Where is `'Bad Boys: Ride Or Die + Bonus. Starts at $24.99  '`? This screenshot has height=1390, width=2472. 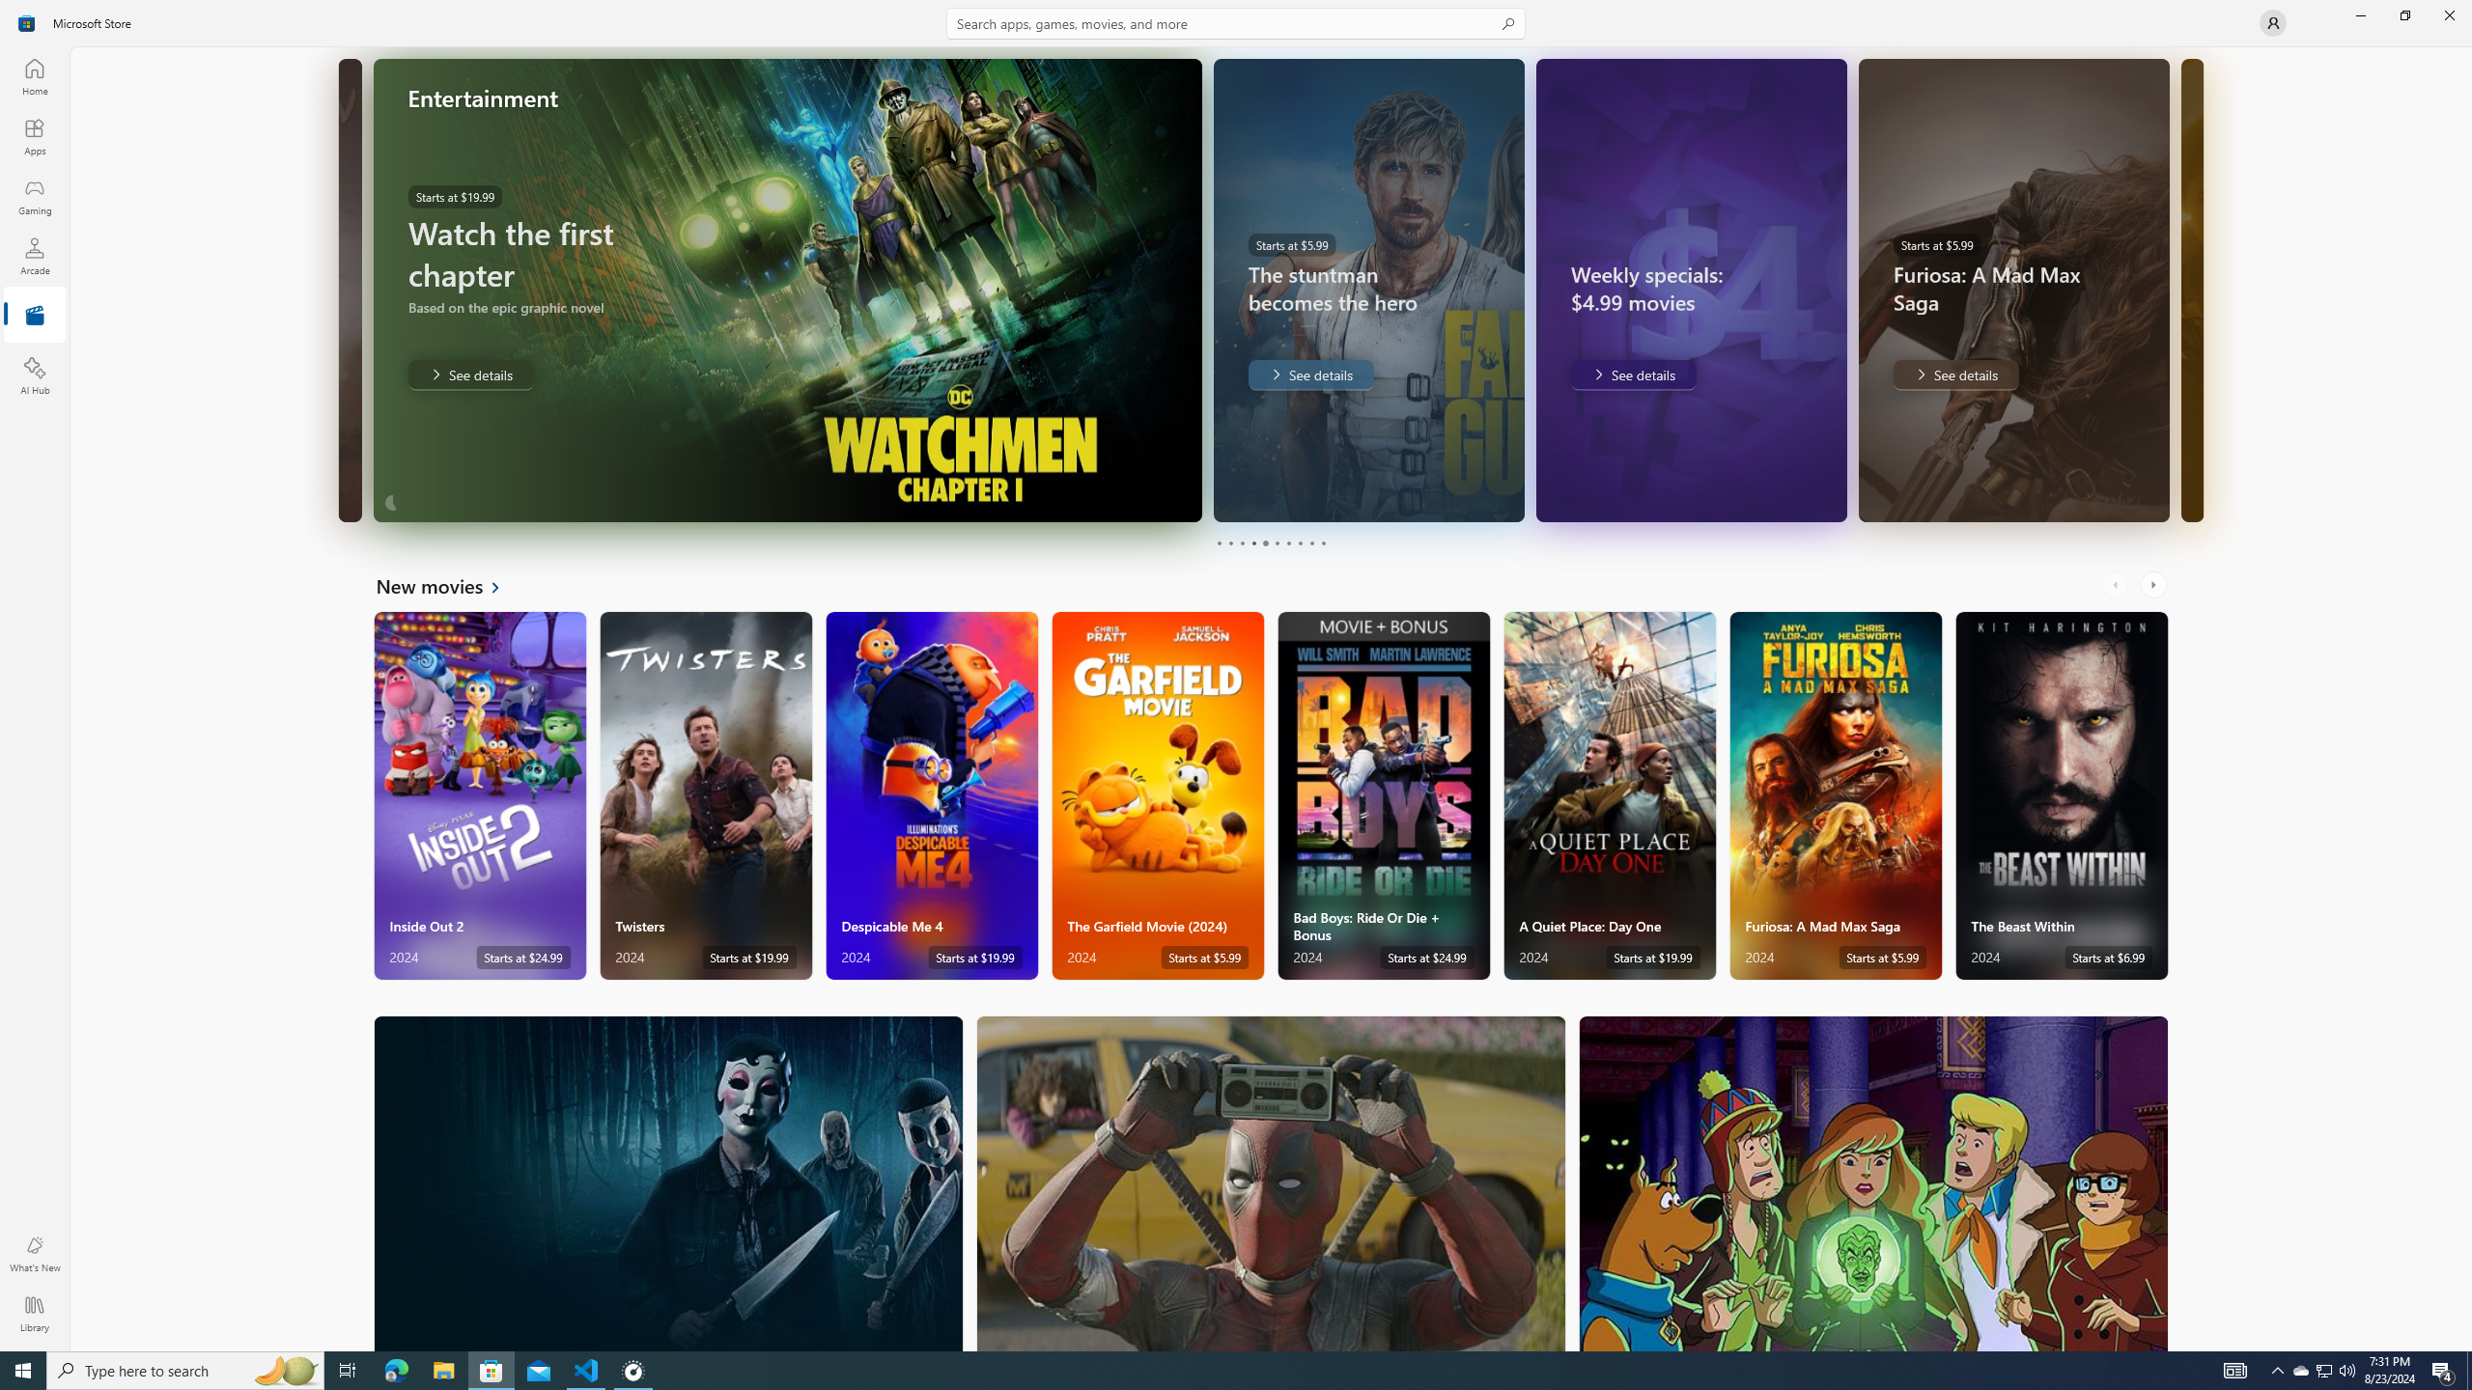 'Bad Boys: Ride Or Die + Bonus. Starts at $24.99  ' is located at coordinates (1382, 795).